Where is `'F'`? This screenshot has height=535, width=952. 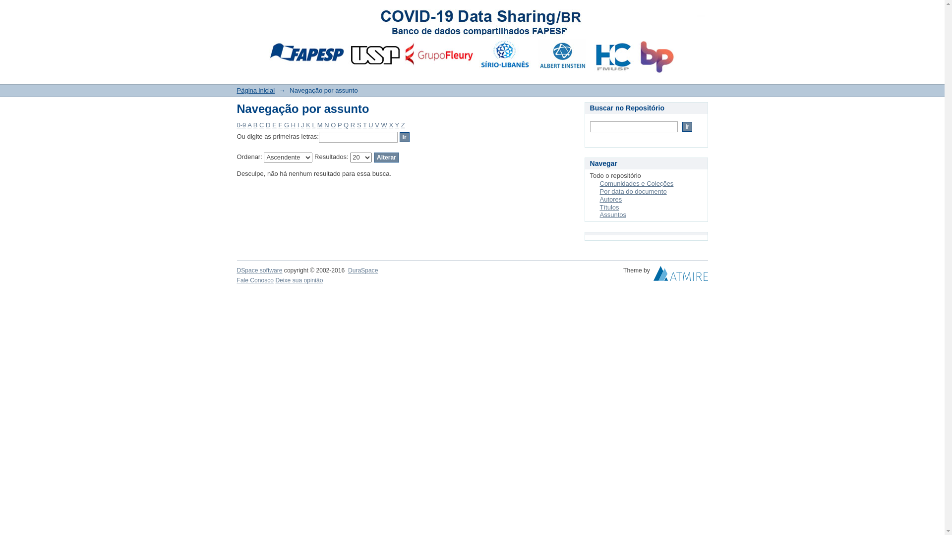 'F' is located at coordinates (280, 124).